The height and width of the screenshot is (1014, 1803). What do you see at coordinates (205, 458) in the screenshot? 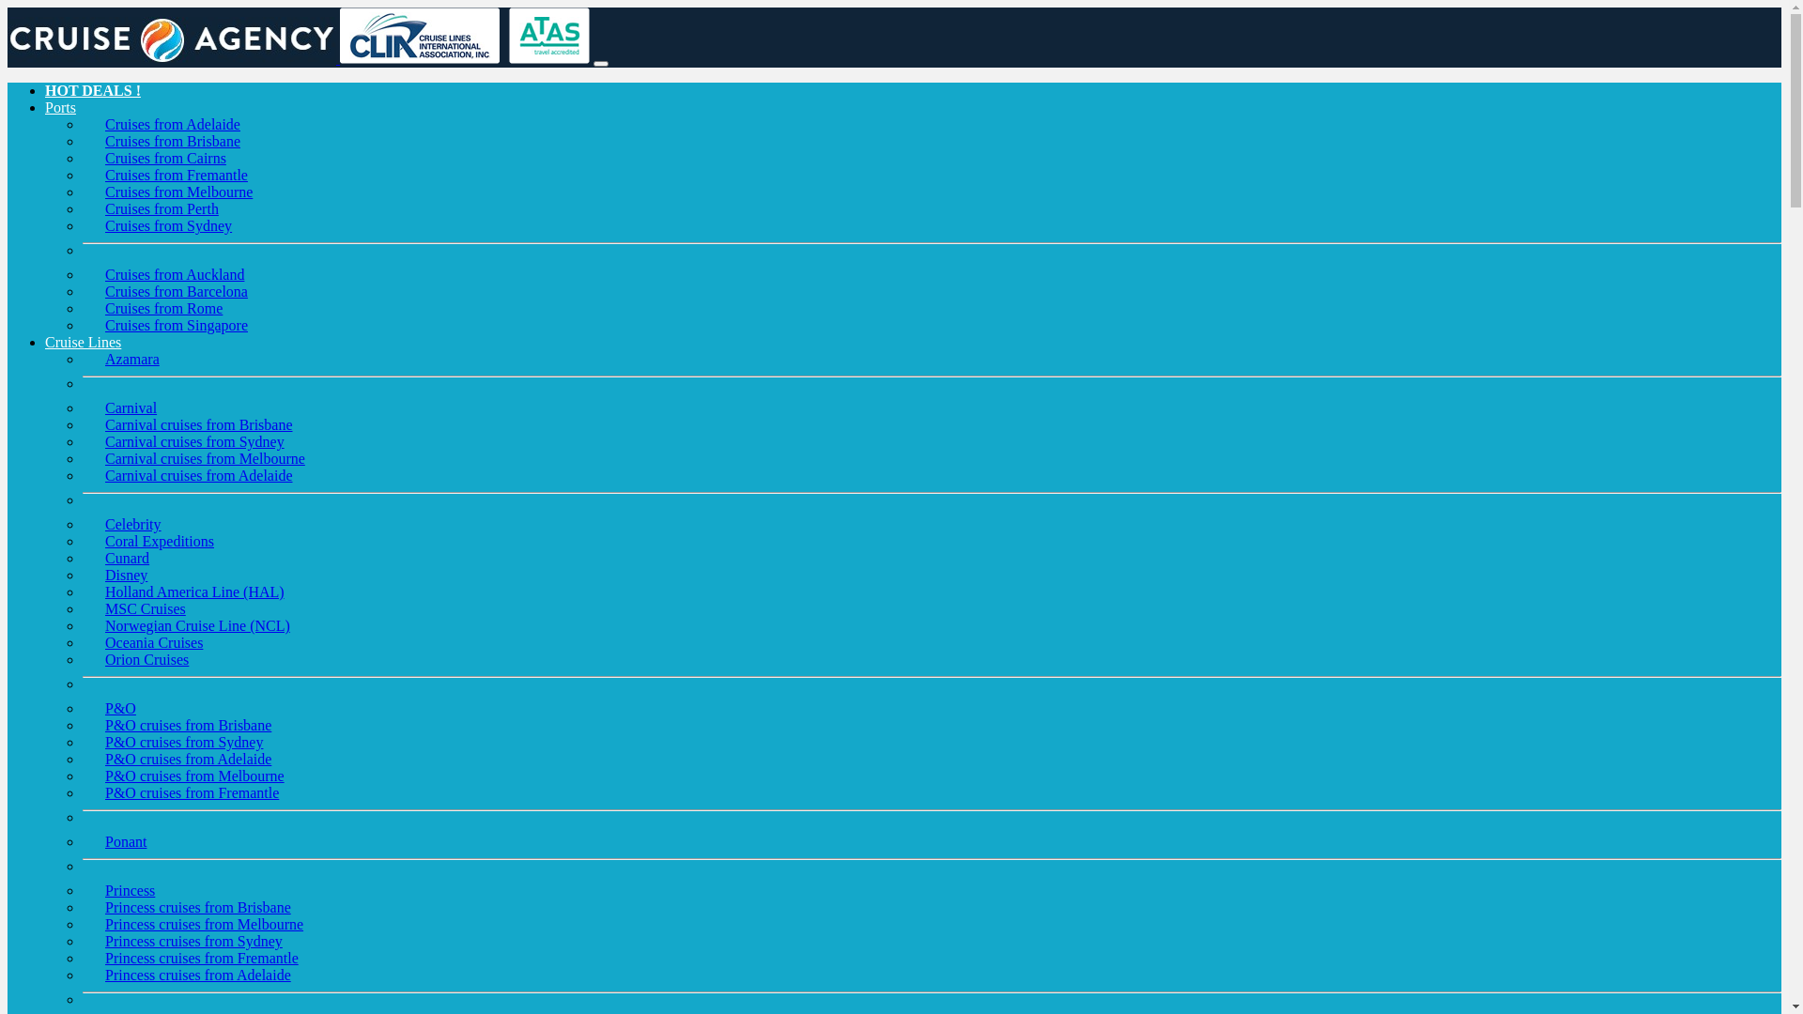
I see `'Carnival cruises from Melbourne'` at bounding box center [205, 458].